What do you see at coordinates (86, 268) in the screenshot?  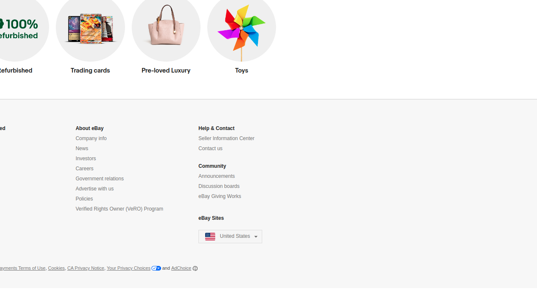 I see `'CA Privacy Notice'` at bounding box center [86, 268].